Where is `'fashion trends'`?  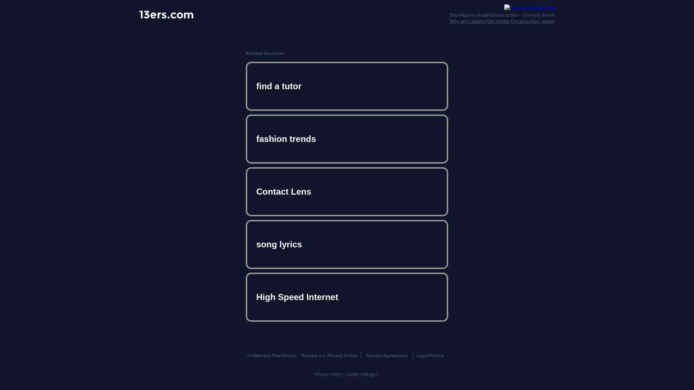 'fashion trends' is located at coordinates (347, 139).